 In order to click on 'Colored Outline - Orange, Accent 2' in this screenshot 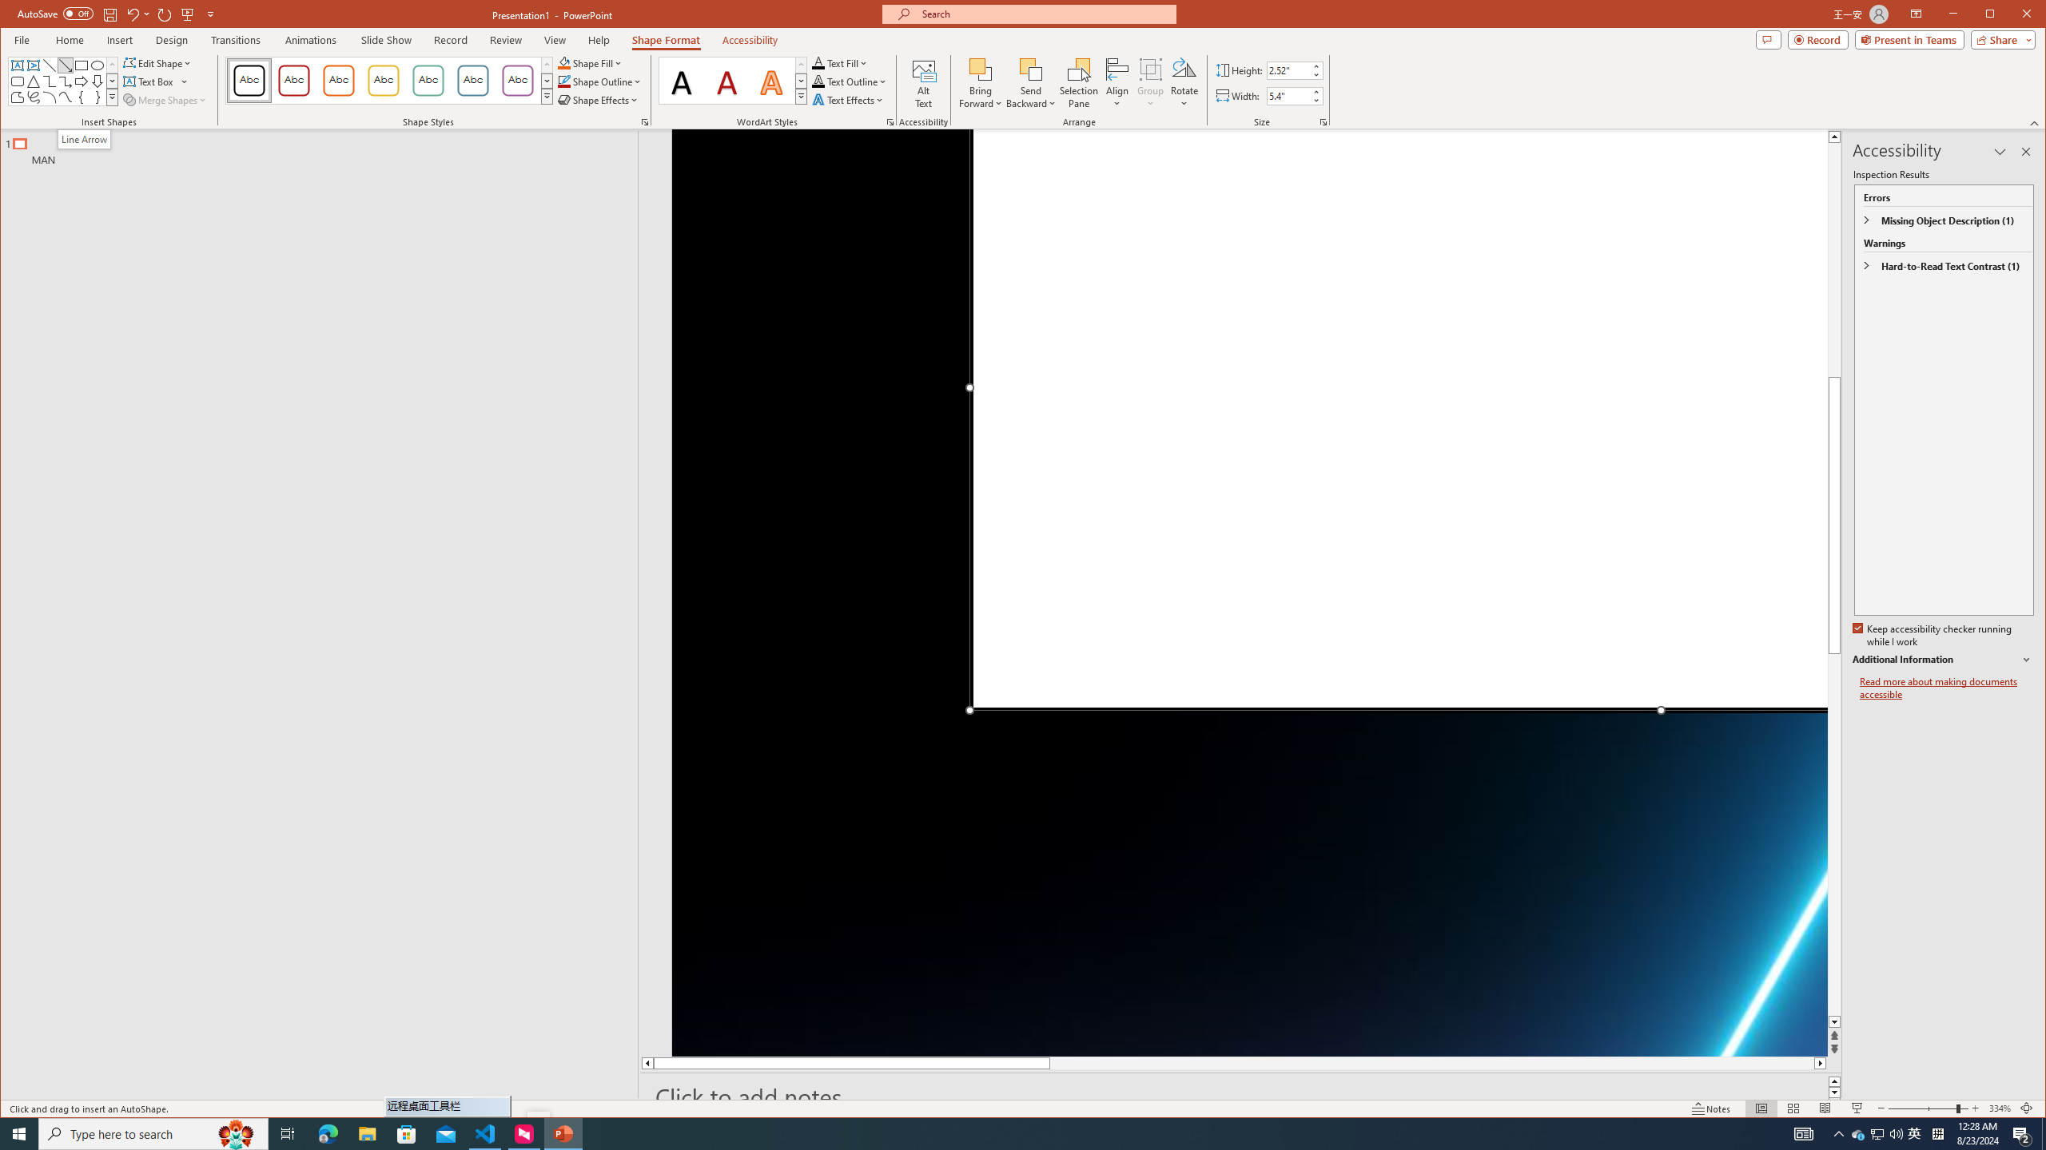, I will do `click(338, 80)`.